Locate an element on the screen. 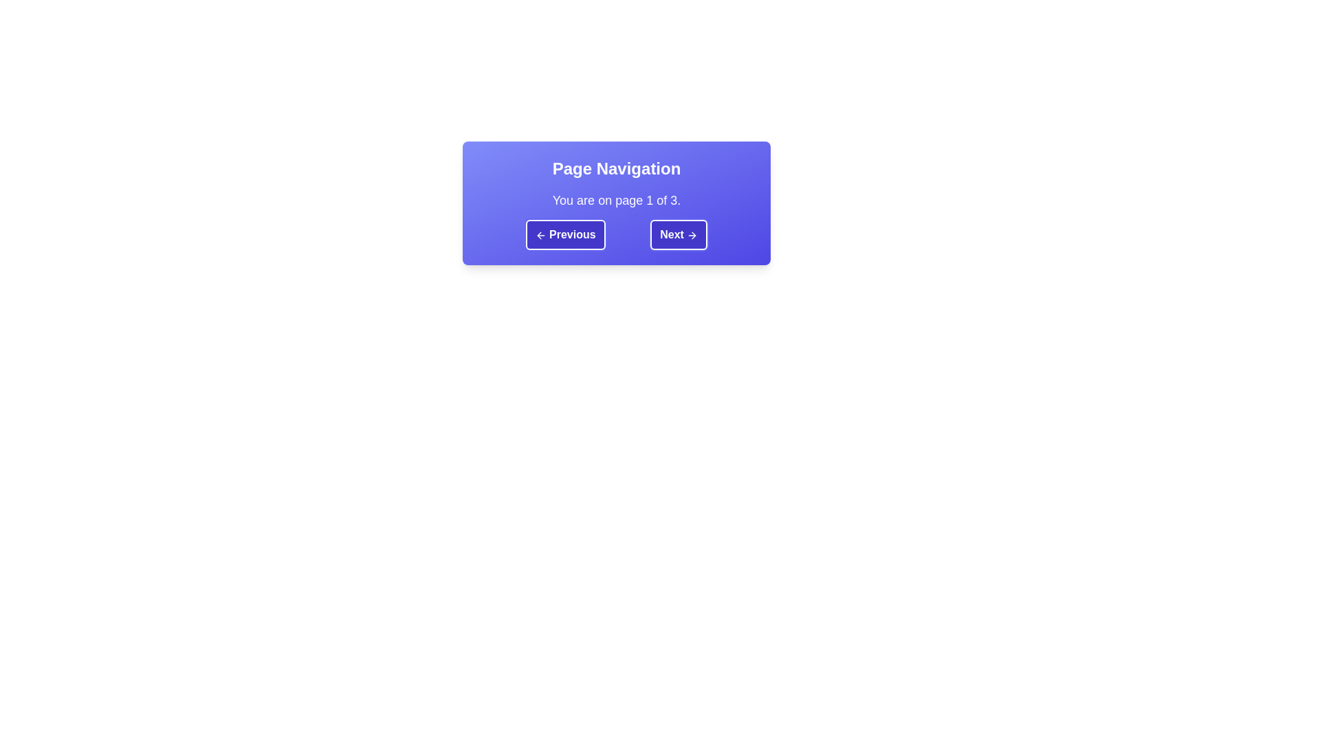 Image resolution: width=1320 pixels, height=742 pixels. the Text Label element is located at coordinates (616, 168).